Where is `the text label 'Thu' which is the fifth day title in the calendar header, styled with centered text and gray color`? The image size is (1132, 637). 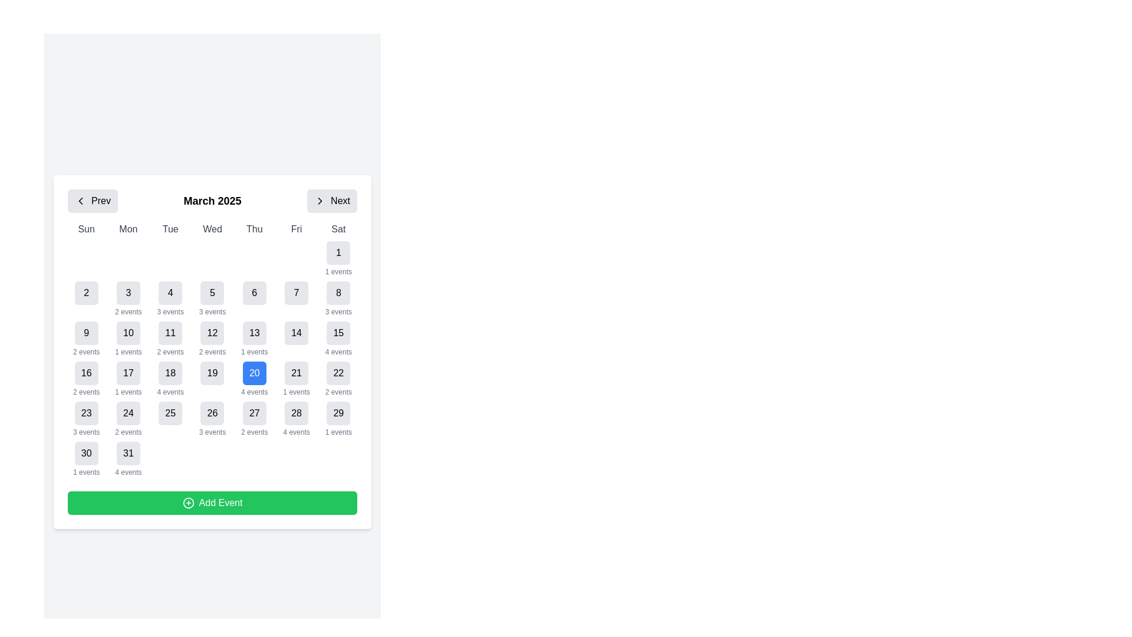
the text label 'Thu' which is the fifth day title in the calendar header, styled with centered text and gray color is located at coordinates (254, 229).